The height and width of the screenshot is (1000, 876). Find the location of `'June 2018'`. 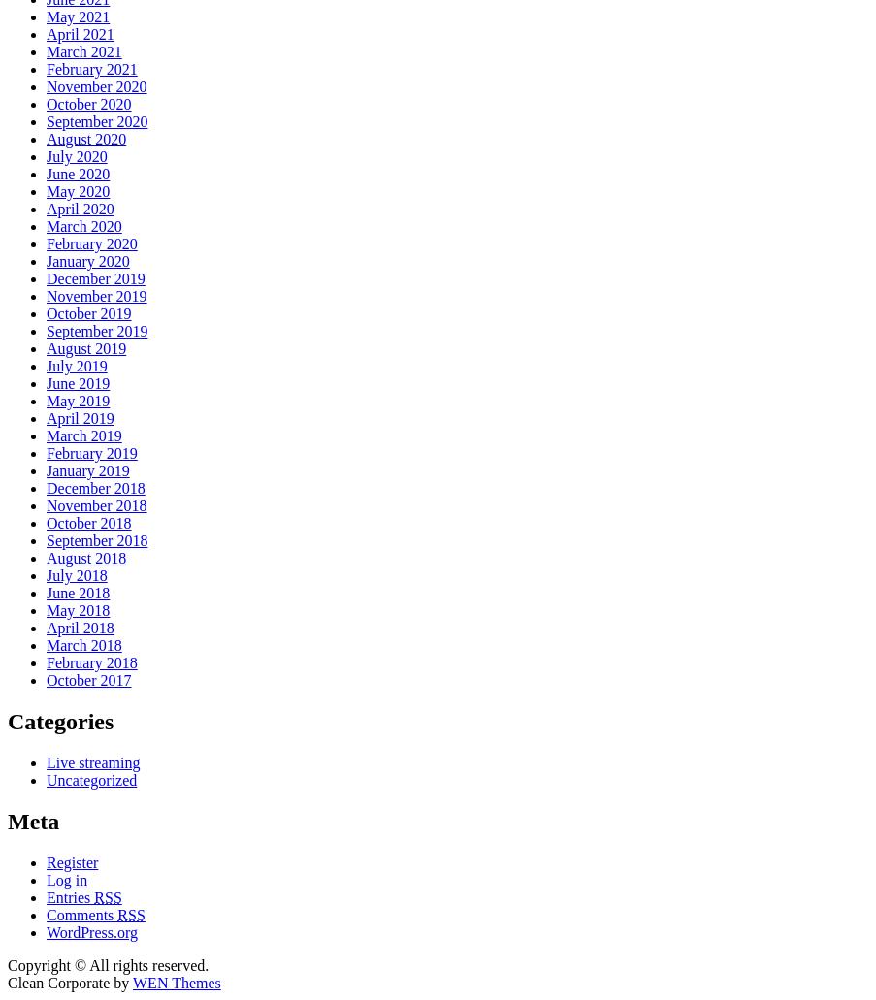

'June 2018' is located at coordinates (78, 592).